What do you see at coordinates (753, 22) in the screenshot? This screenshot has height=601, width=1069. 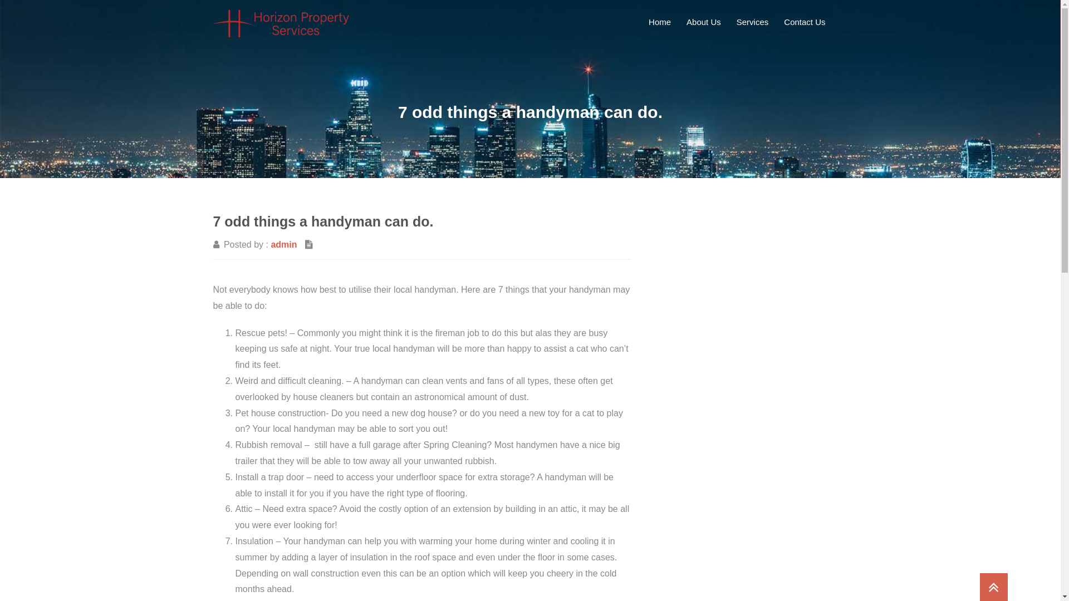 I see `'Services'` at bounding box center [753, 22].